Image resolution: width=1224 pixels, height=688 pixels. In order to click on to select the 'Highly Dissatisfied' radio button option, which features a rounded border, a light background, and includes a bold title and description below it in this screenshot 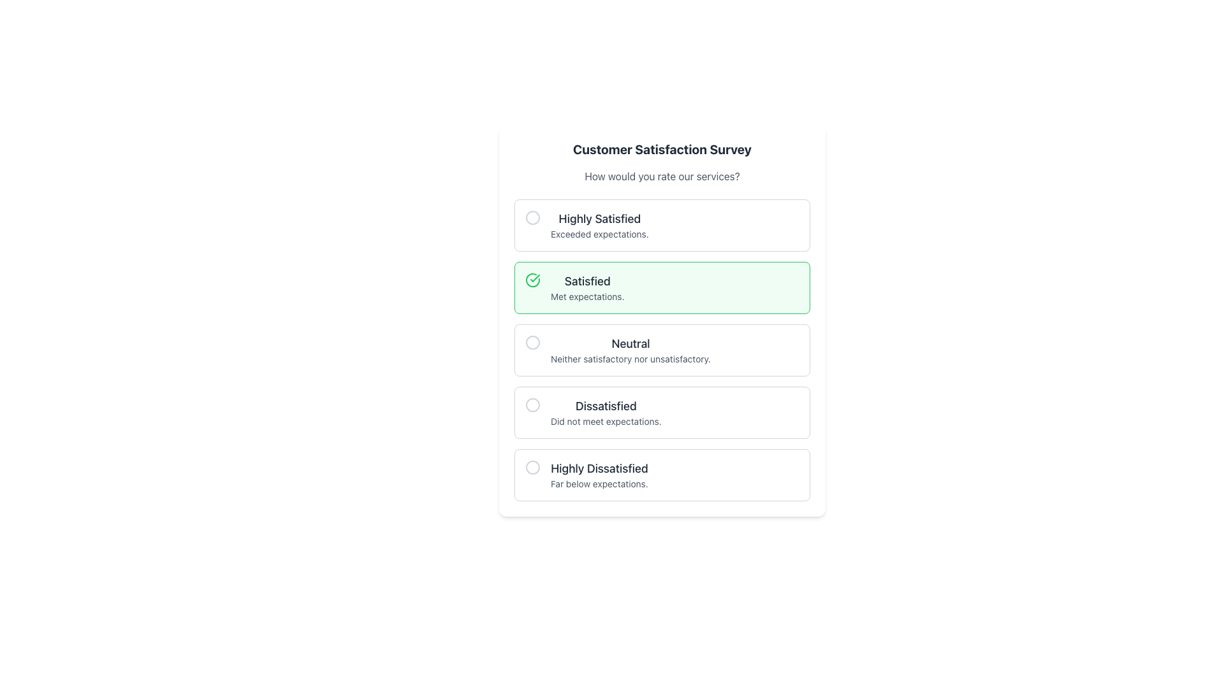, I will do `click(662, 475)`.